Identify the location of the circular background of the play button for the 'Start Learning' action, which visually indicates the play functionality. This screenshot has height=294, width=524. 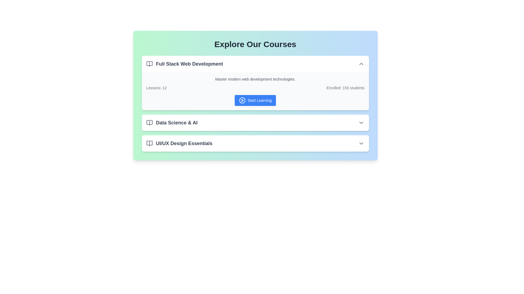
(242, 100).